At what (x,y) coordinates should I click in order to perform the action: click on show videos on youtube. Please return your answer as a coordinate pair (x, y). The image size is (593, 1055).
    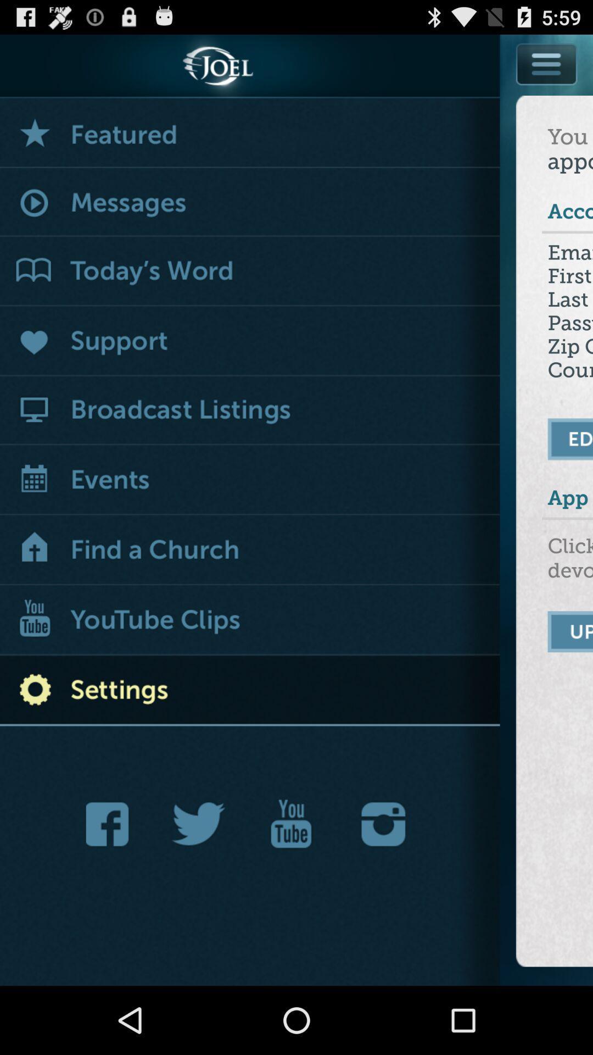
    Looking at the image, I should click on (250, 621).